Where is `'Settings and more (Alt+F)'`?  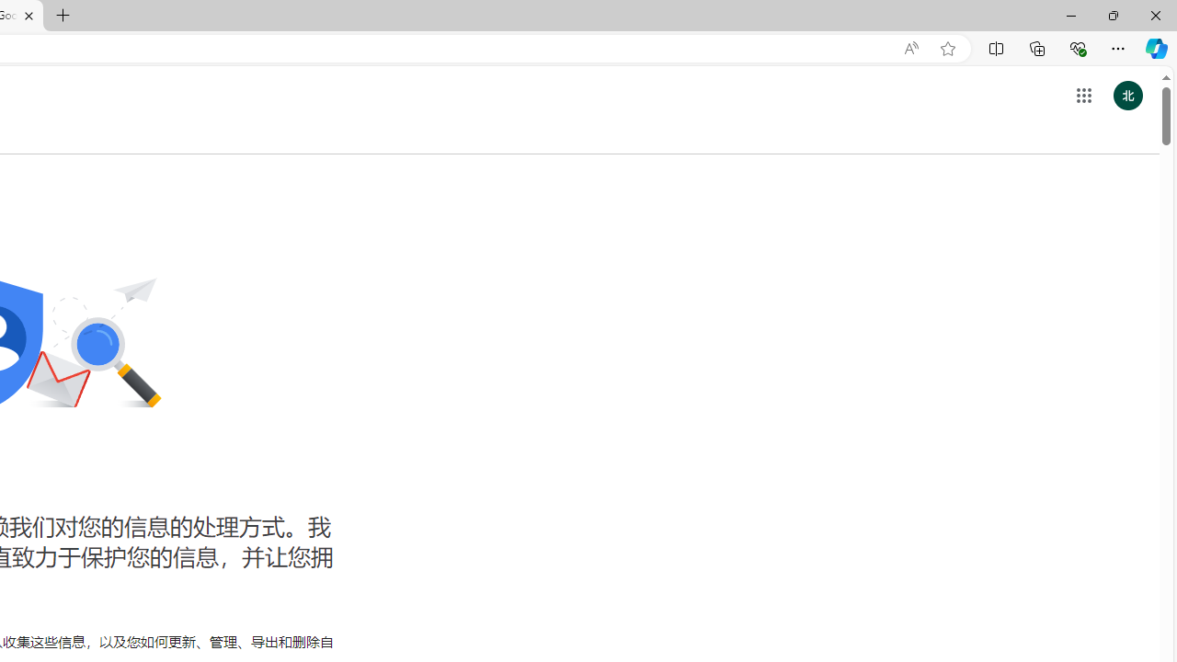 'Settings and more (Alt+F)' is located at coordinates (1117, 47).